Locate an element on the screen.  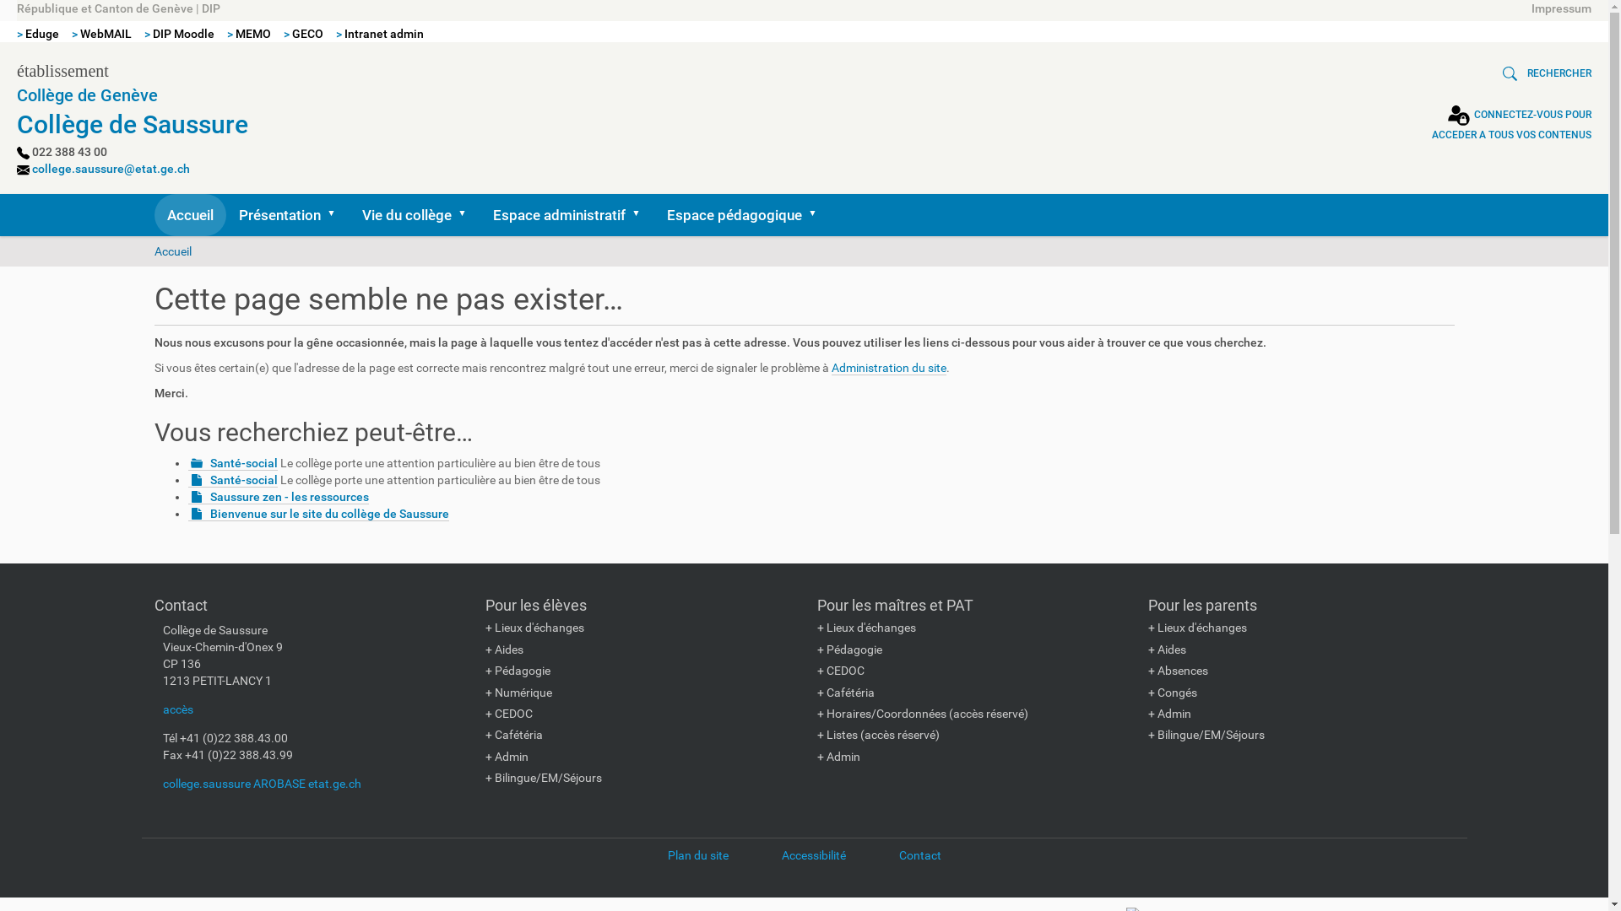
'CONNECTEZ-VOUS POUR is located at coordinates (1511, 123).